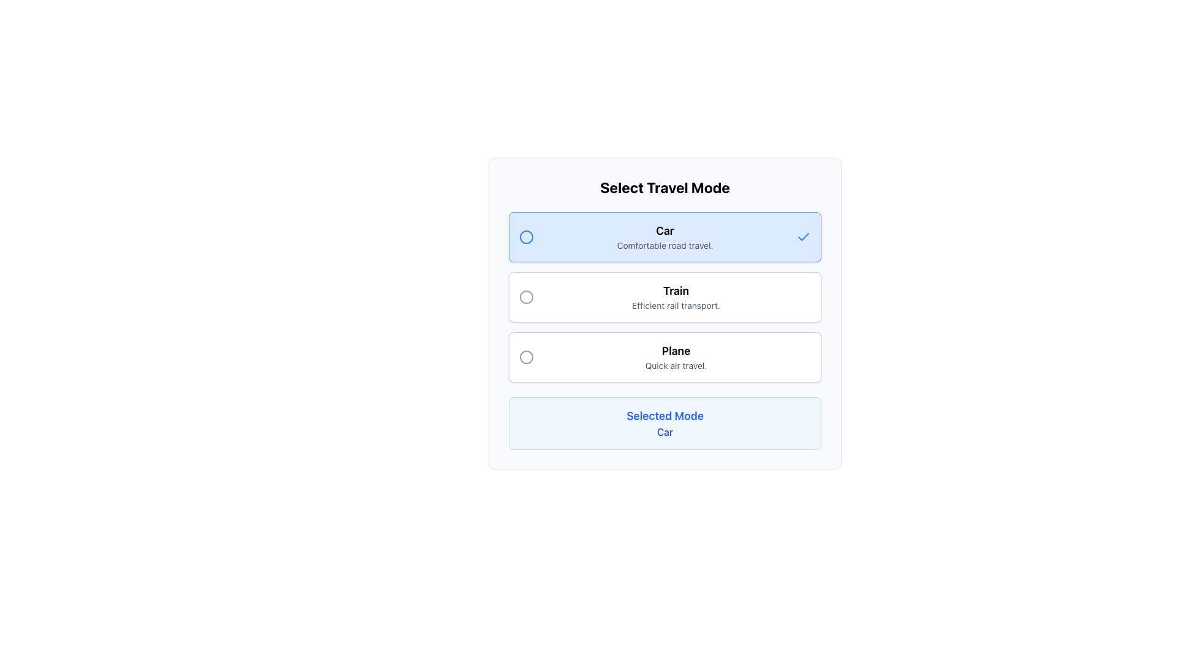  Describe the element at coordinates (664, 297) in the screenshot. I see `the second selectable option in the list, which features a gray circular outline and the text 'Train' in bold` at that location.